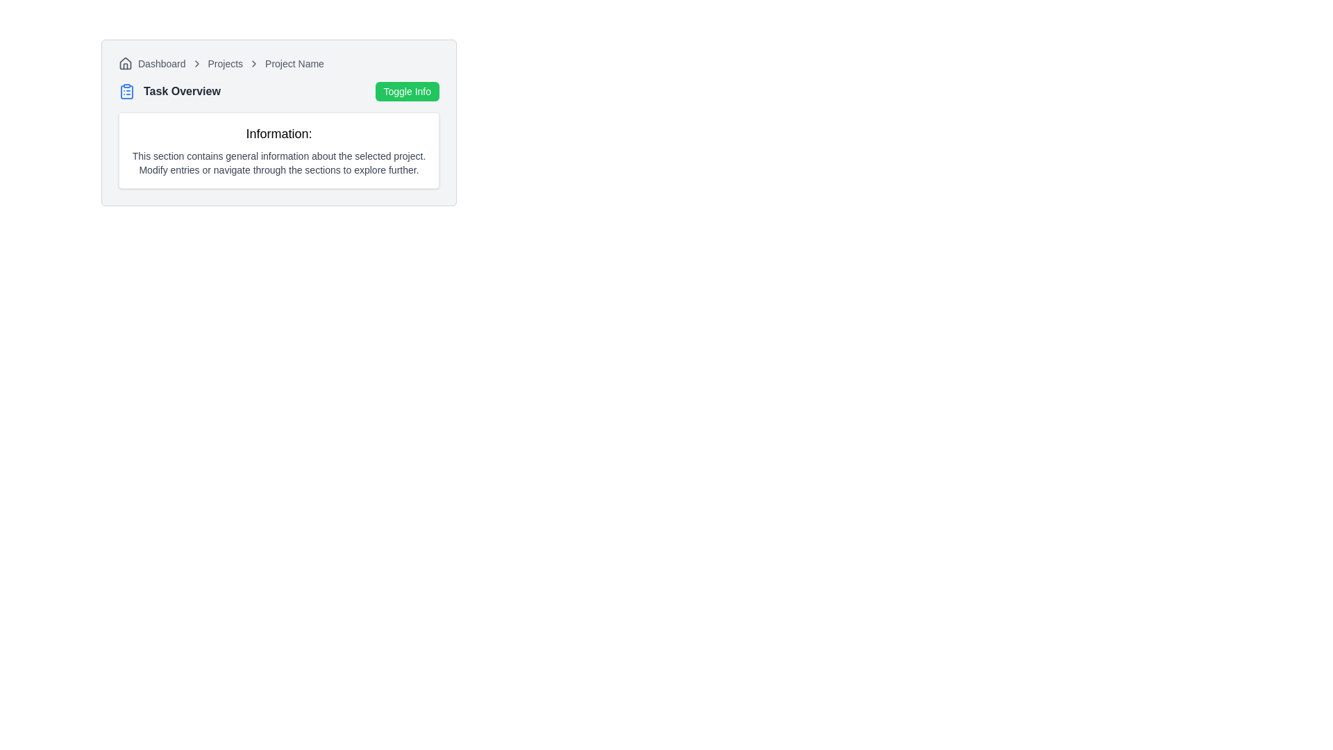 This screenshot has width=1333, height=750. I want to click on the button located in the upper-right side of the 'Task Overview' section, so click(406, 91).